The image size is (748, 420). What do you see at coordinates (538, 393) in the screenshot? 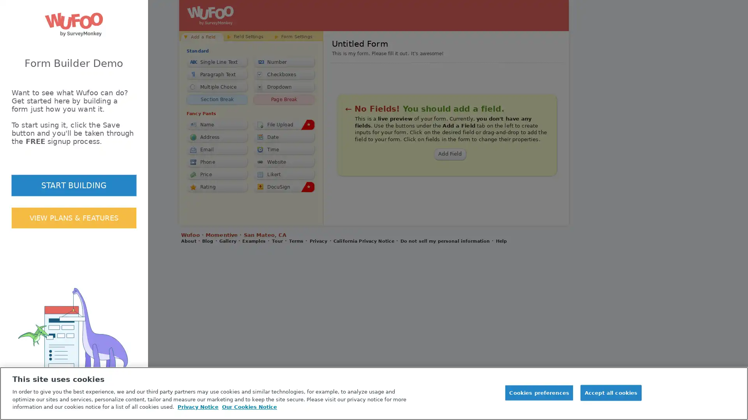
I see `Cookies preferences` at bounding box center [538, 393].